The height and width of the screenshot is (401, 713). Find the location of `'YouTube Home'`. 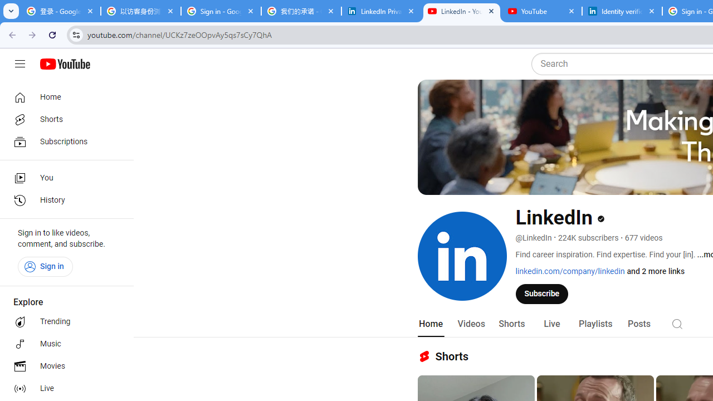

'YouTube Home' is located at coordinates (64, 64).